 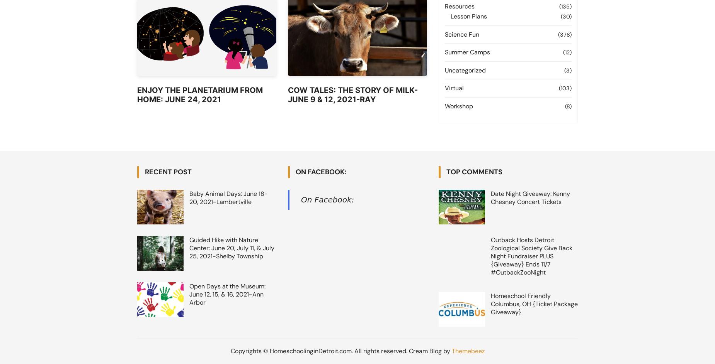 What do you see at coordinates (200, 95) in the screenshot?
I see `'Enjoy the Planetarium From Home: June 24, 2021'` at bounding box center [200, 95].